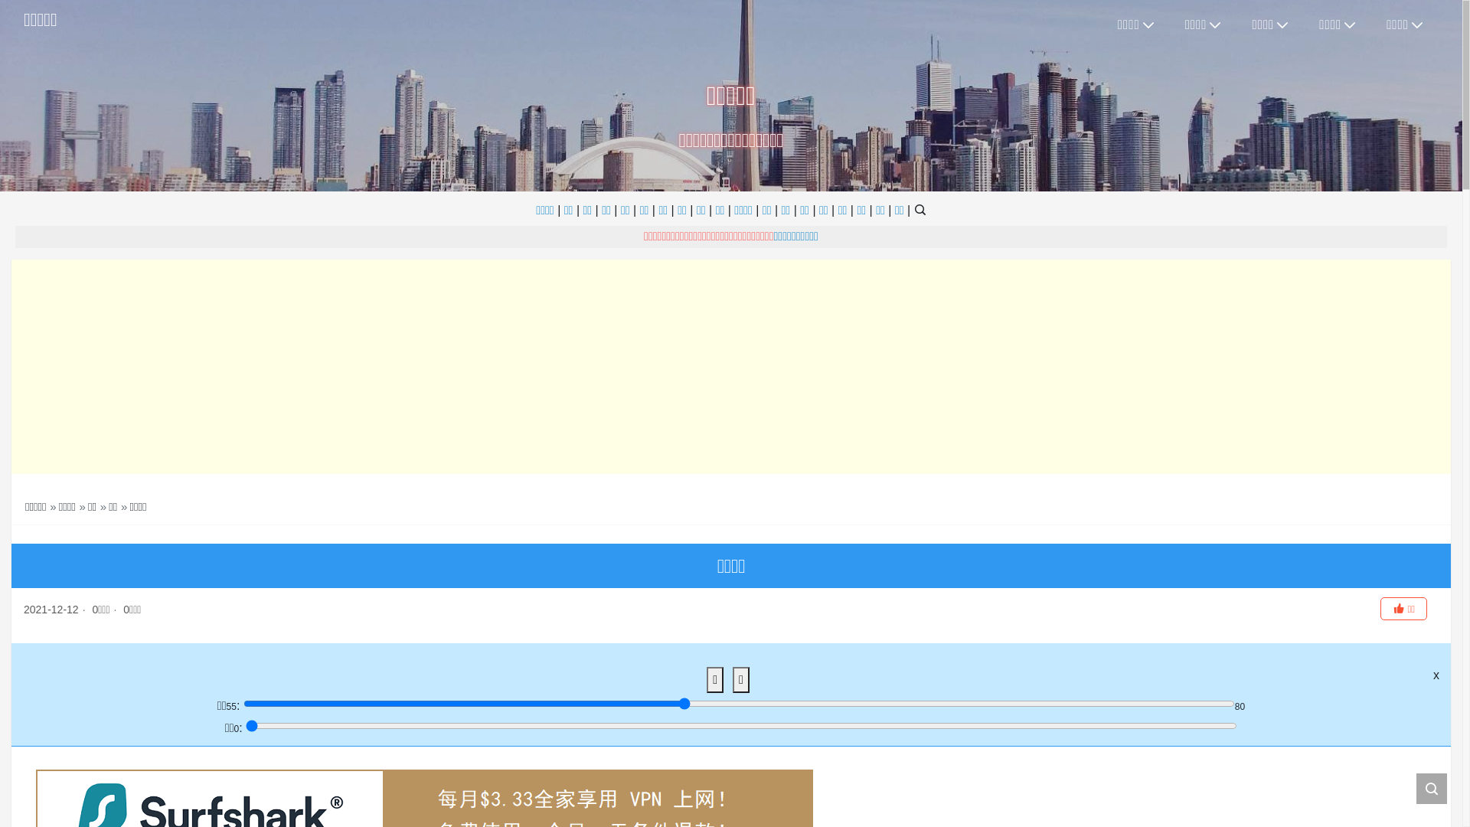 This screenshot has width=1470, height=827. What do you see at coordinates (730, 366) in the screenshot?
I see `'Advertisement'` at bounding box center [730, 366].